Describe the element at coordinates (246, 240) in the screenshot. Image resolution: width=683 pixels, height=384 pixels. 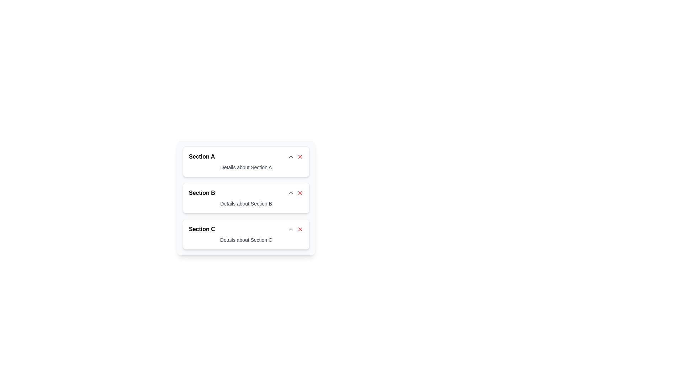
I see `the static text element providing information for 'Section C'` at that location.